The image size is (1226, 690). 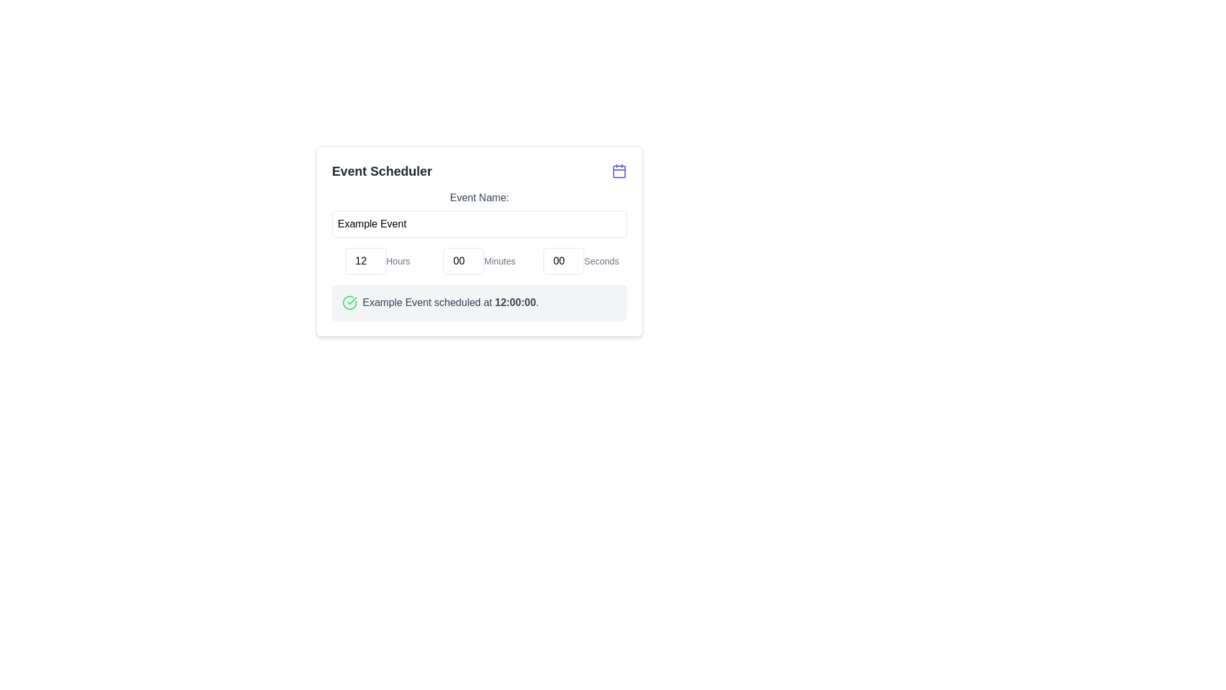 What do you see at coordinates (450, 303) in the screenshot?
I see `the informational Text Label displaying details about the scheduled event located next to a green check icon` at bounding box center [450, 303].